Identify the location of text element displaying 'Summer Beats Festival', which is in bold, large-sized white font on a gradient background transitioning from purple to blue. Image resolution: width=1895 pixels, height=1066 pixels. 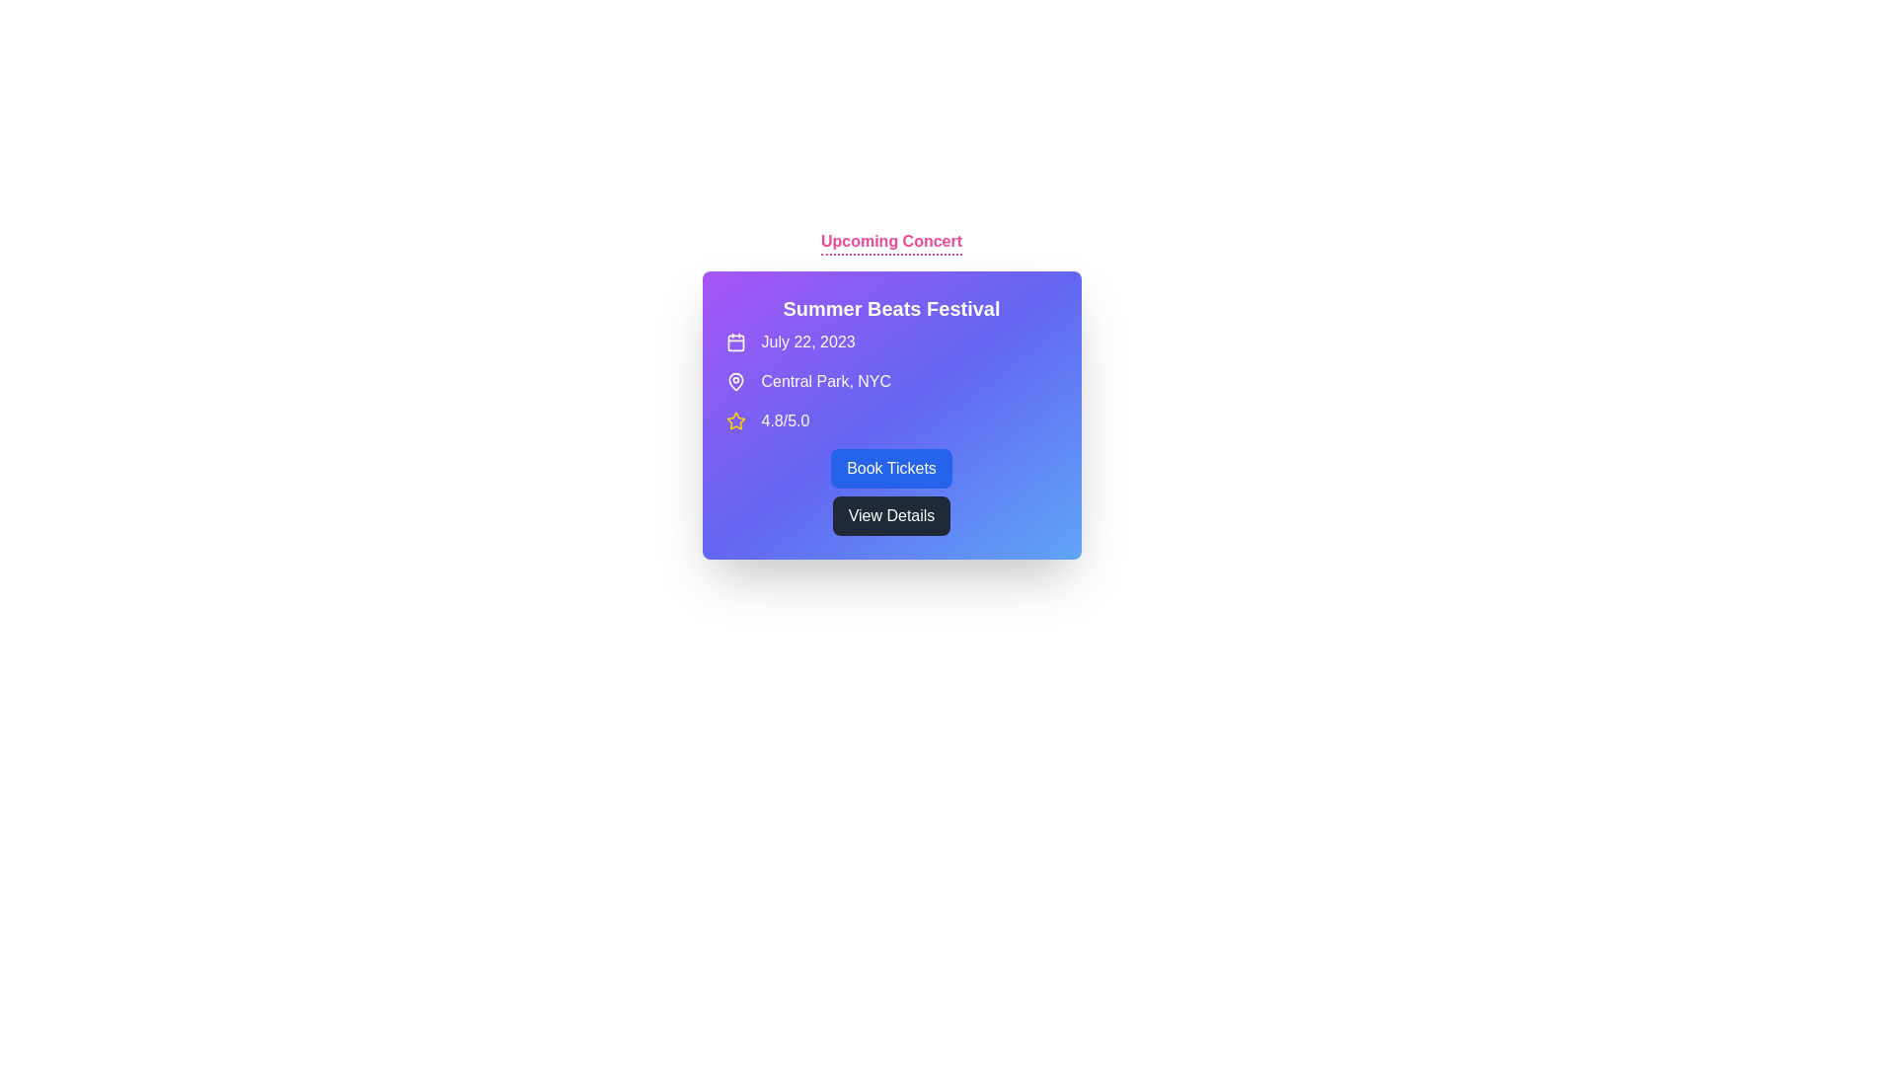
(890, 308).